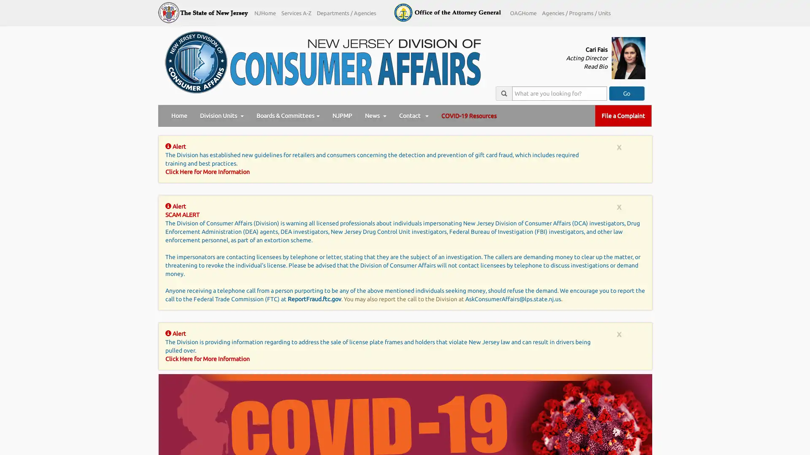 The height and width of the screenshot is (455, 810). I want to click on x, so click(619, 206).